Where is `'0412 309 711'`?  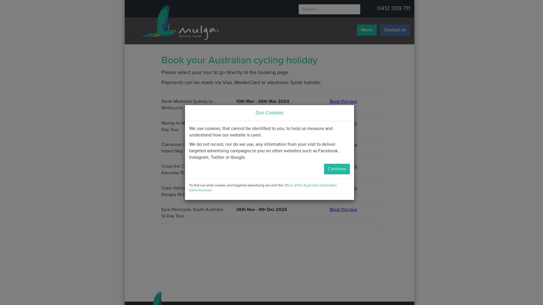 '0412 309 711' is located at coordinates (393, 8).